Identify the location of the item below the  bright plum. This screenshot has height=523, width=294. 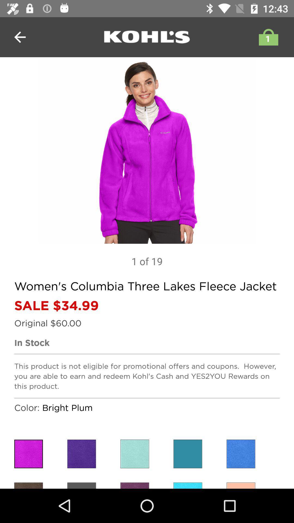
(82, 454).